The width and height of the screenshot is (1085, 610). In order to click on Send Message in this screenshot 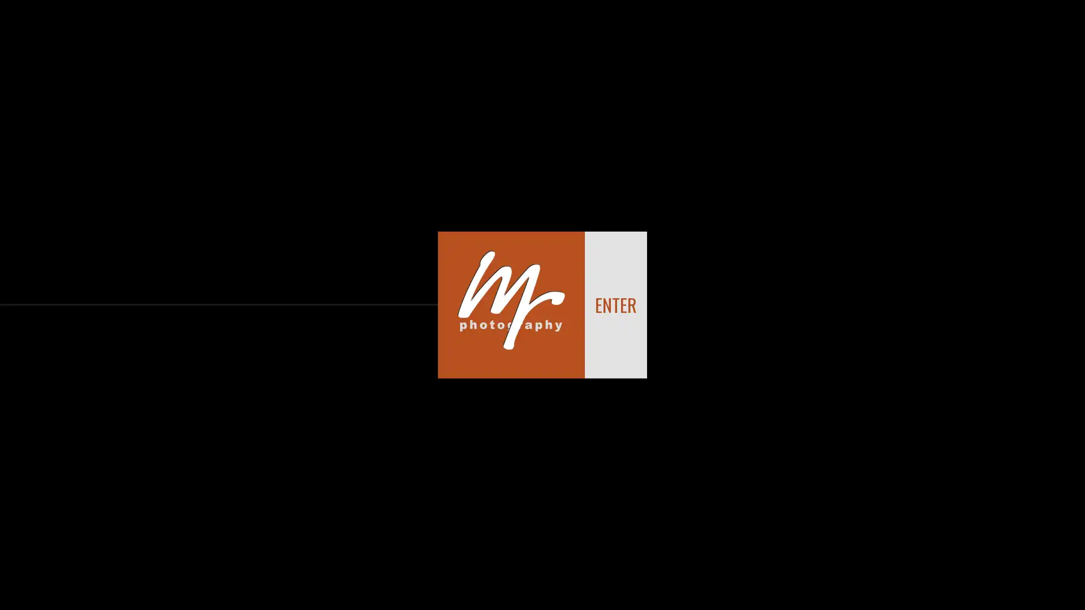, I will do `click(402, 206)`.